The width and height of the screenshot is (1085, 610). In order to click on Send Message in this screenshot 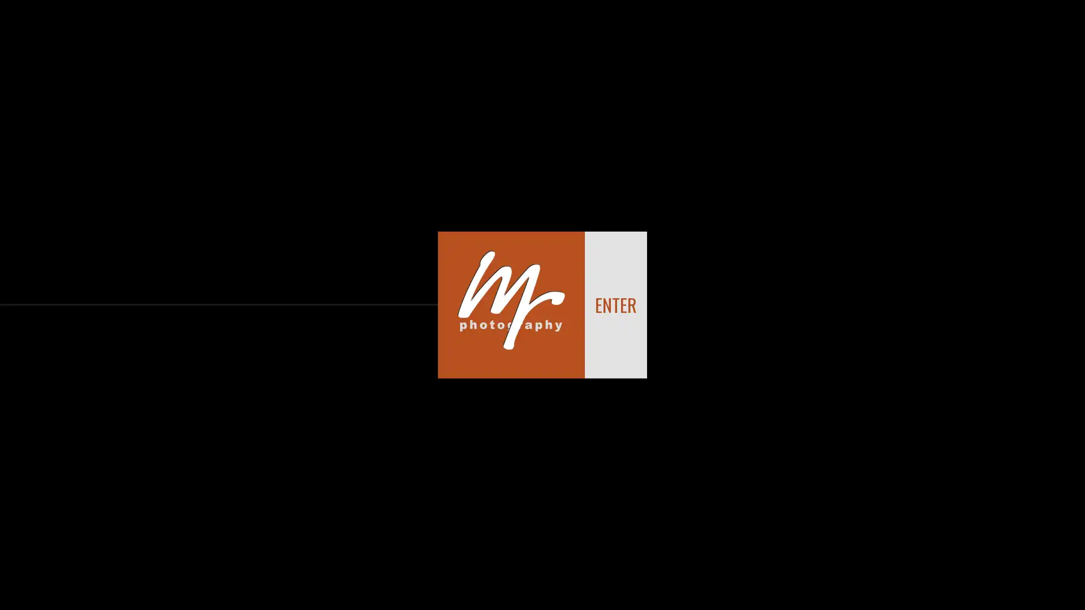, I will do `click(402, 206)`.